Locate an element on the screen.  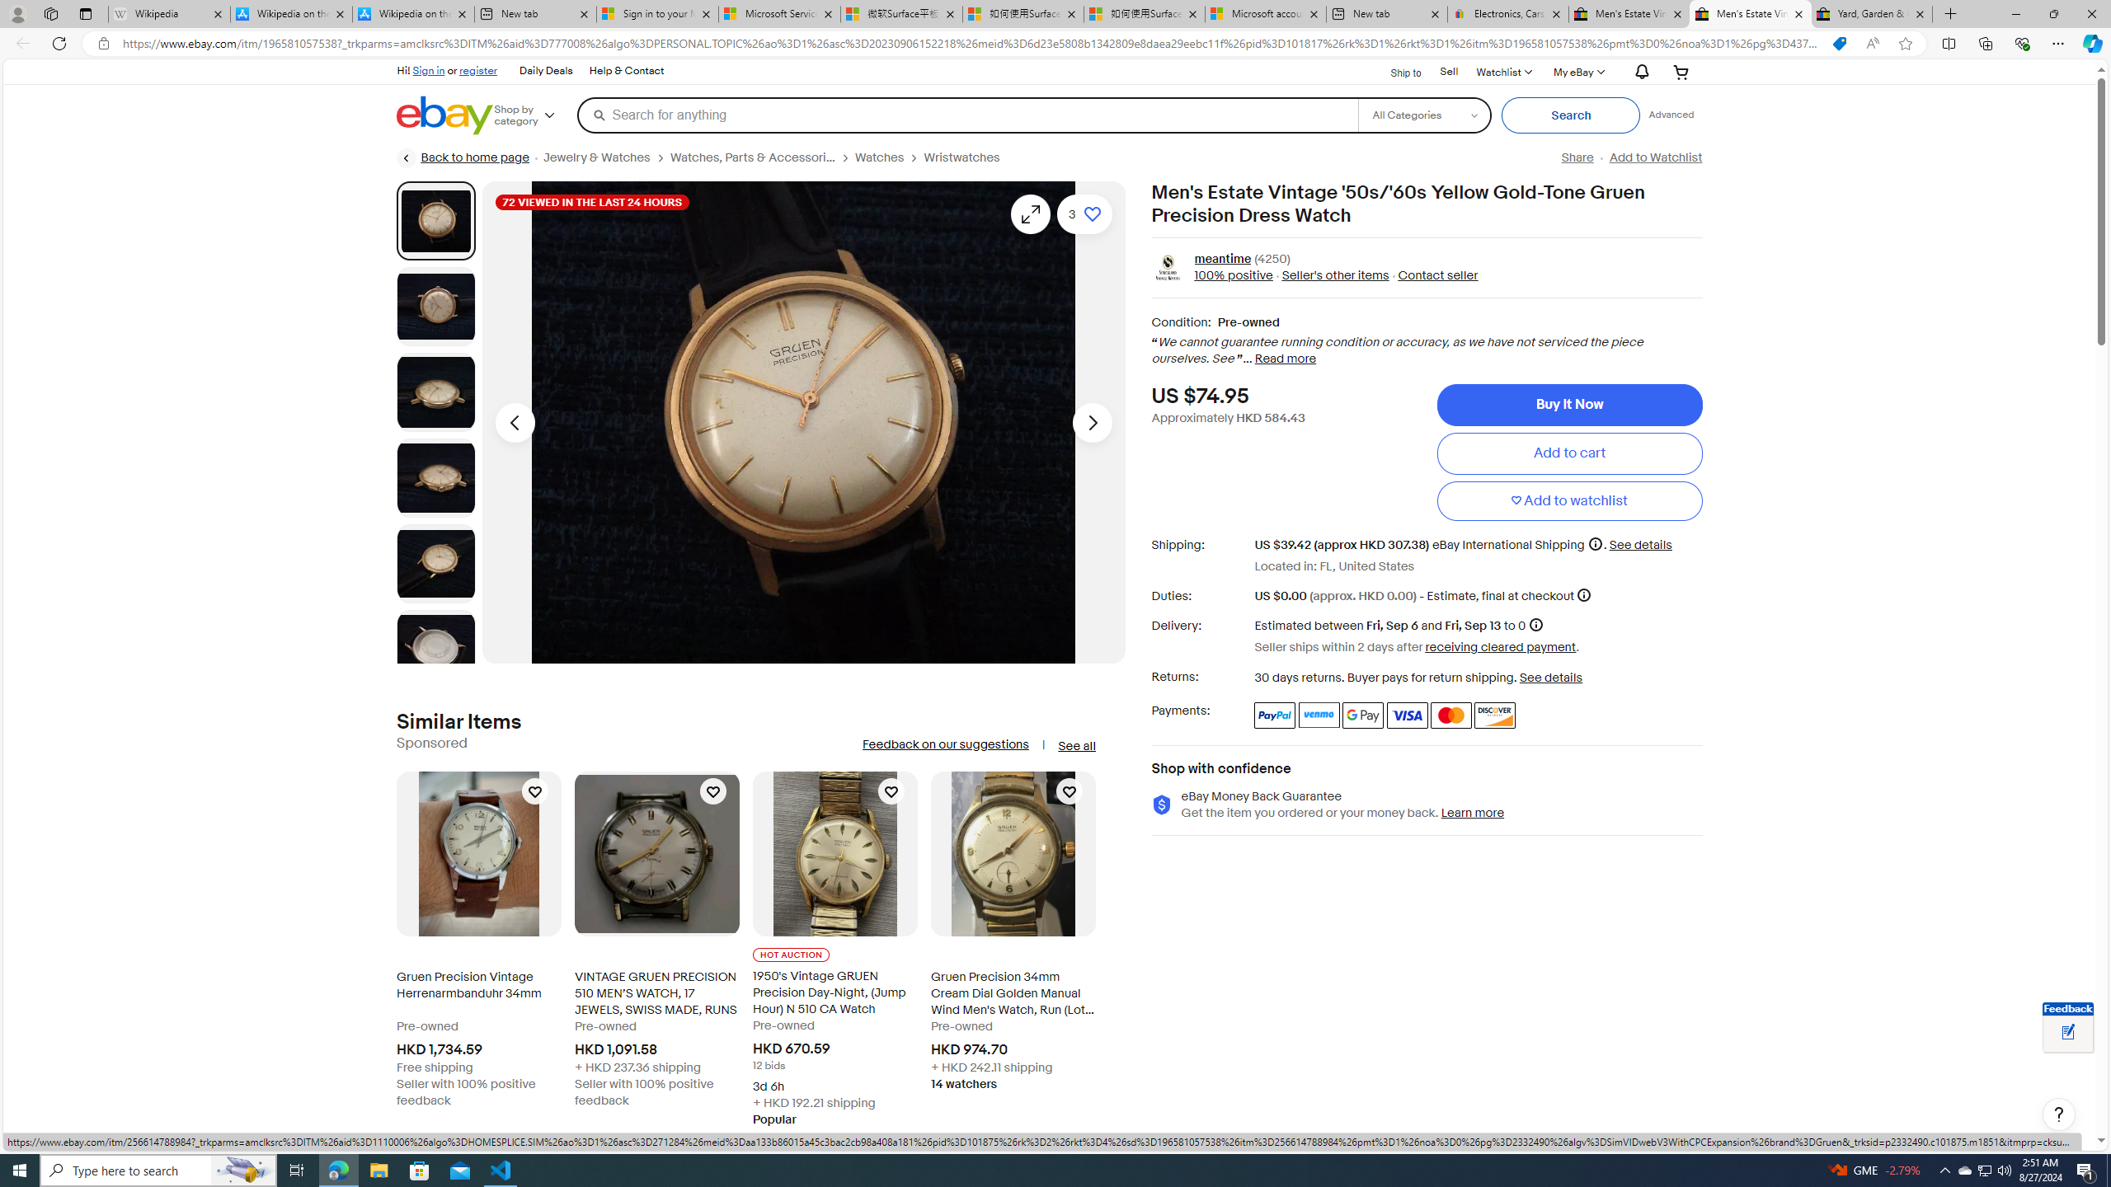
'Add to cart' is located at coordinates (1569, 453).